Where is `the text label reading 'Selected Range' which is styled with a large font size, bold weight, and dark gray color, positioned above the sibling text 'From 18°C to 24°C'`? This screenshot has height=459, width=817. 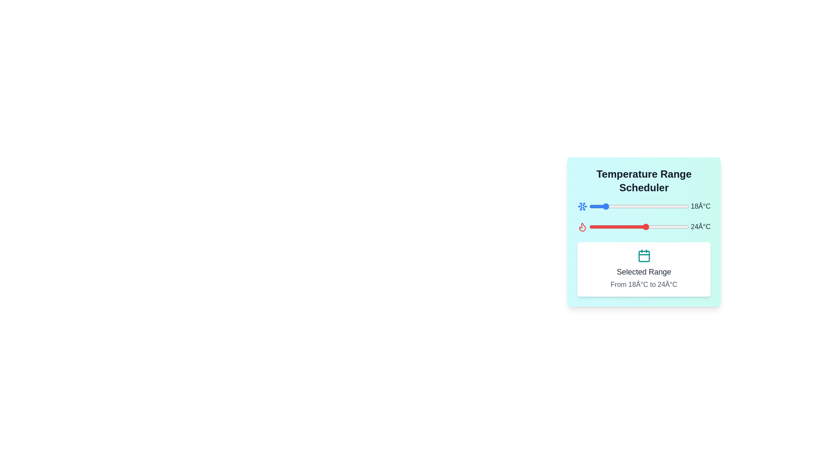
the text label reading 'Selected Range' which is styled with a large font size, bold weight, and dark gray color, positioned above the sibling text 'From 18°C to 24°C' is located at coordinates (644, 272).